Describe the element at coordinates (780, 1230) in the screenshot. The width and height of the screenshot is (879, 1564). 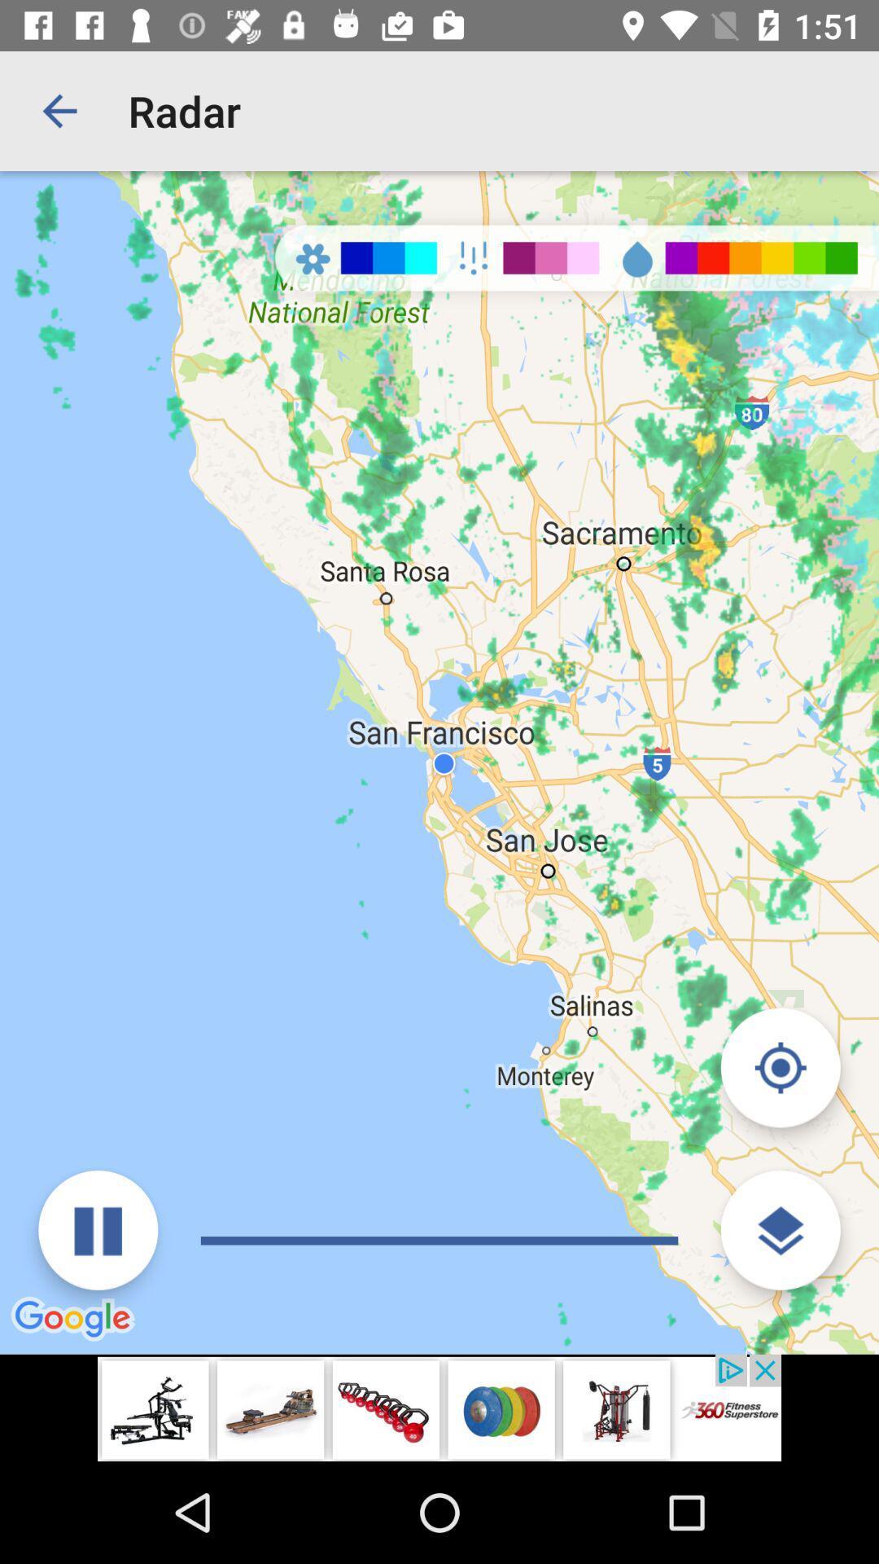
I see `get more information` at that location.